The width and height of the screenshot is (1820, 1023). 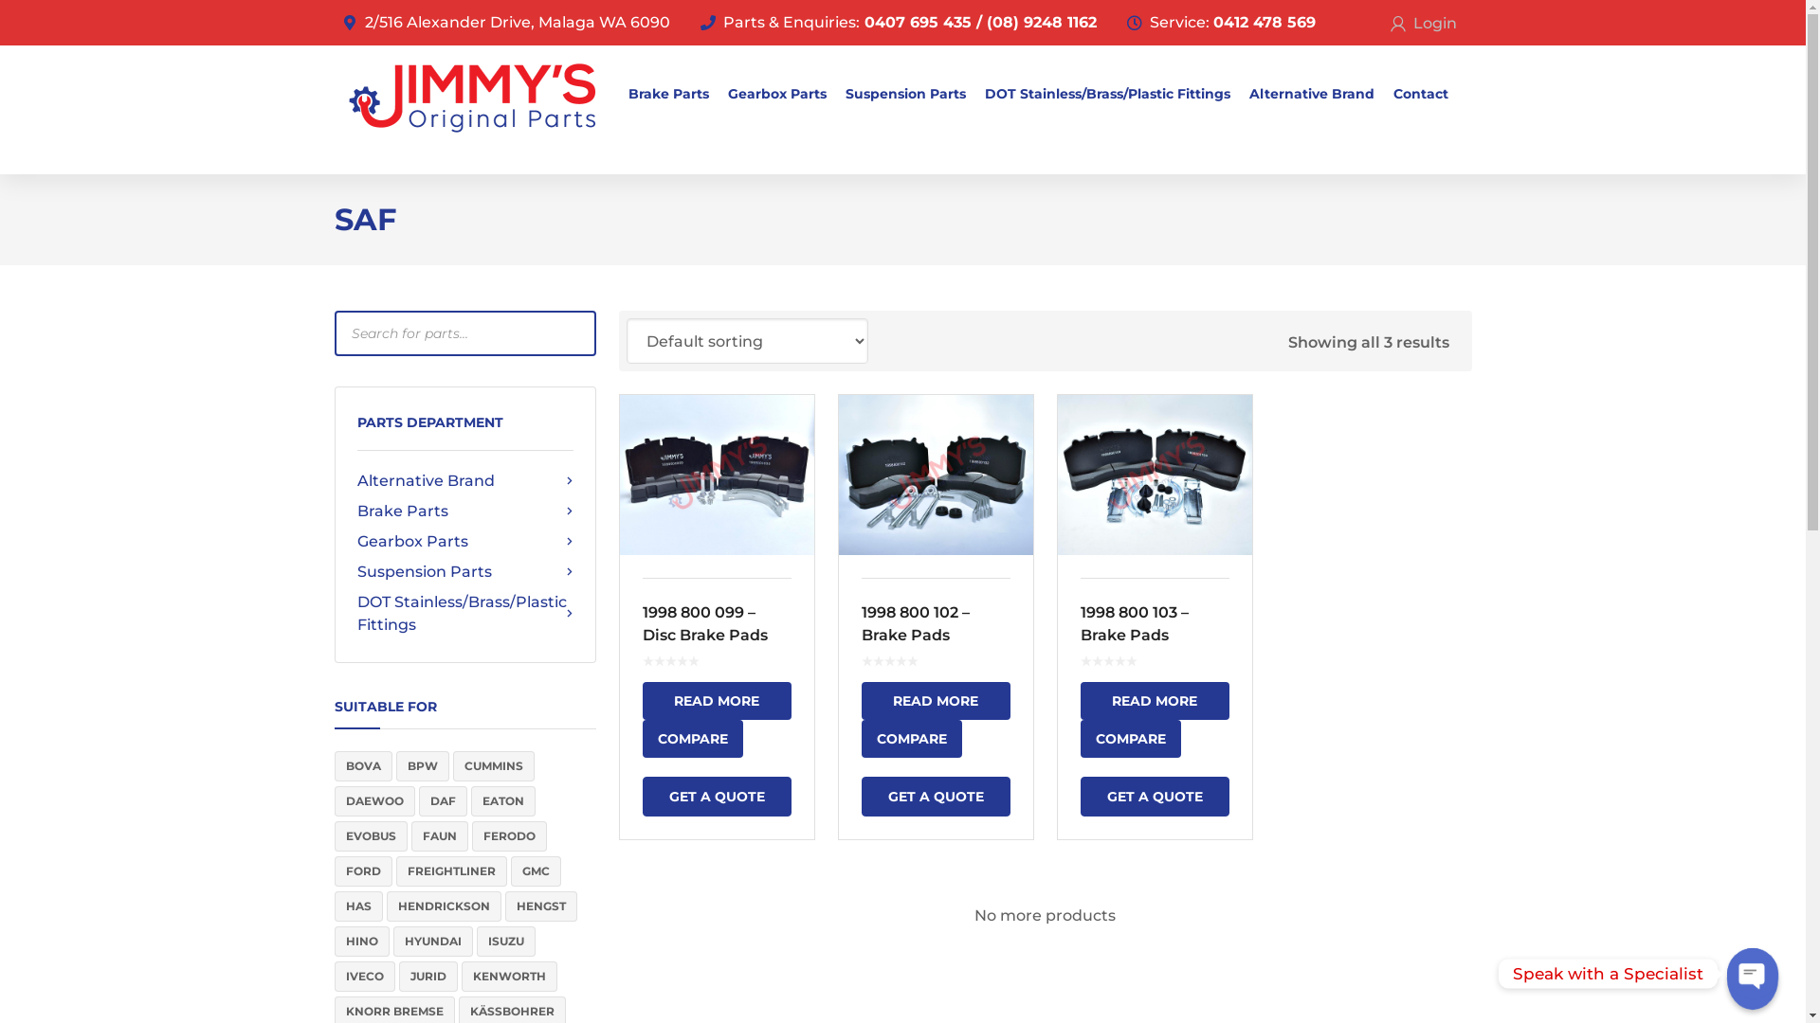 What do you see at coordinates (422, 765) in the screenshot?
I see `'BPW'` at bounding box center [422, 765].